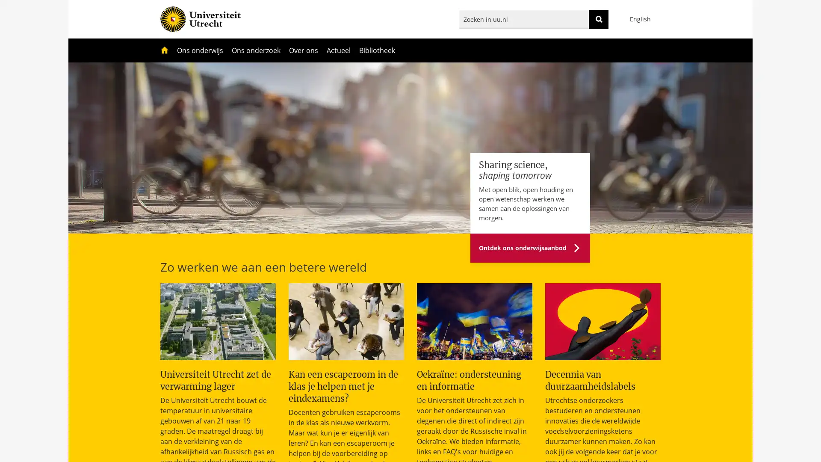  I want to click on ZOEKEN, so click(598, 19).